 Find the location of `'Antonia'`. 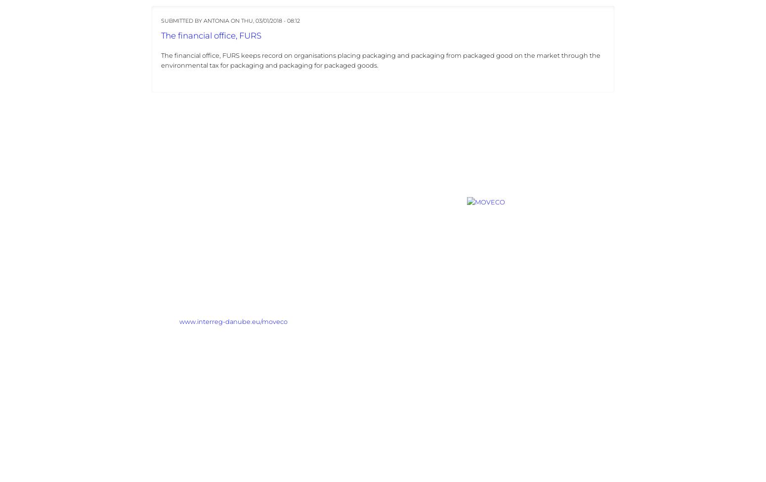

'Antonia' is located at coordinates (216, 20).